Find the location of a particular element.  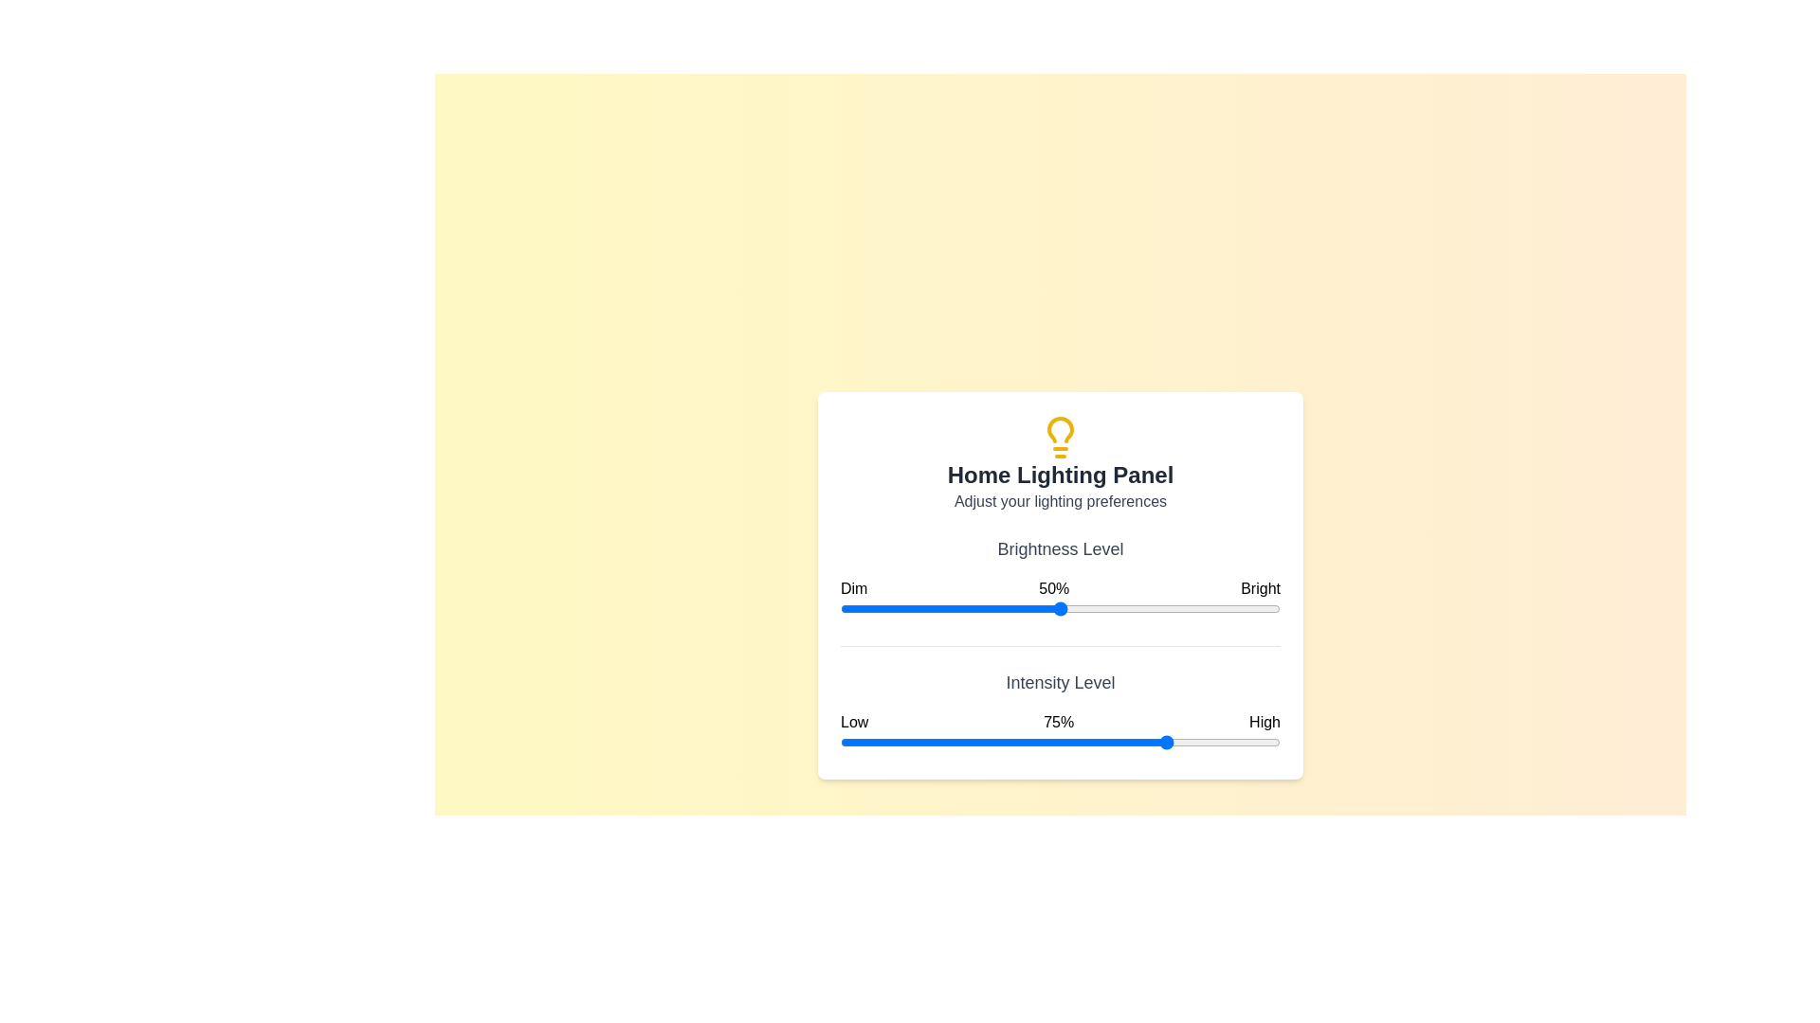

keyboard navigation is located at coordinates (1059, 741).